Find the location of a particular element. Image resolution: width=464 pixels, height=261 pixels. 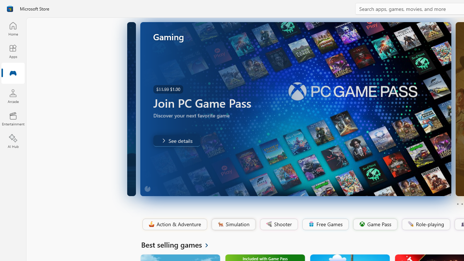

'Page 1' is located at coordinates (457, 204).